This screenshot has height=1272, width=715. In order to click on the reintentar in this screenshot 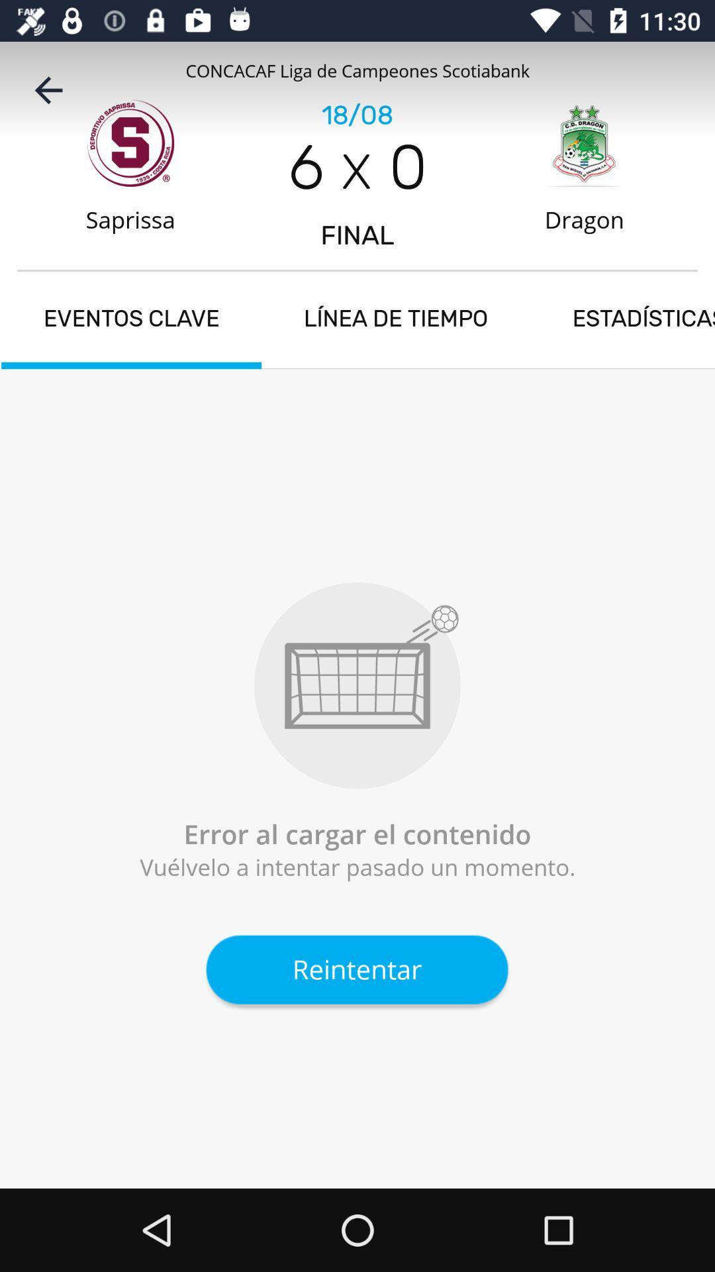, I will do `click(356, 969)`.